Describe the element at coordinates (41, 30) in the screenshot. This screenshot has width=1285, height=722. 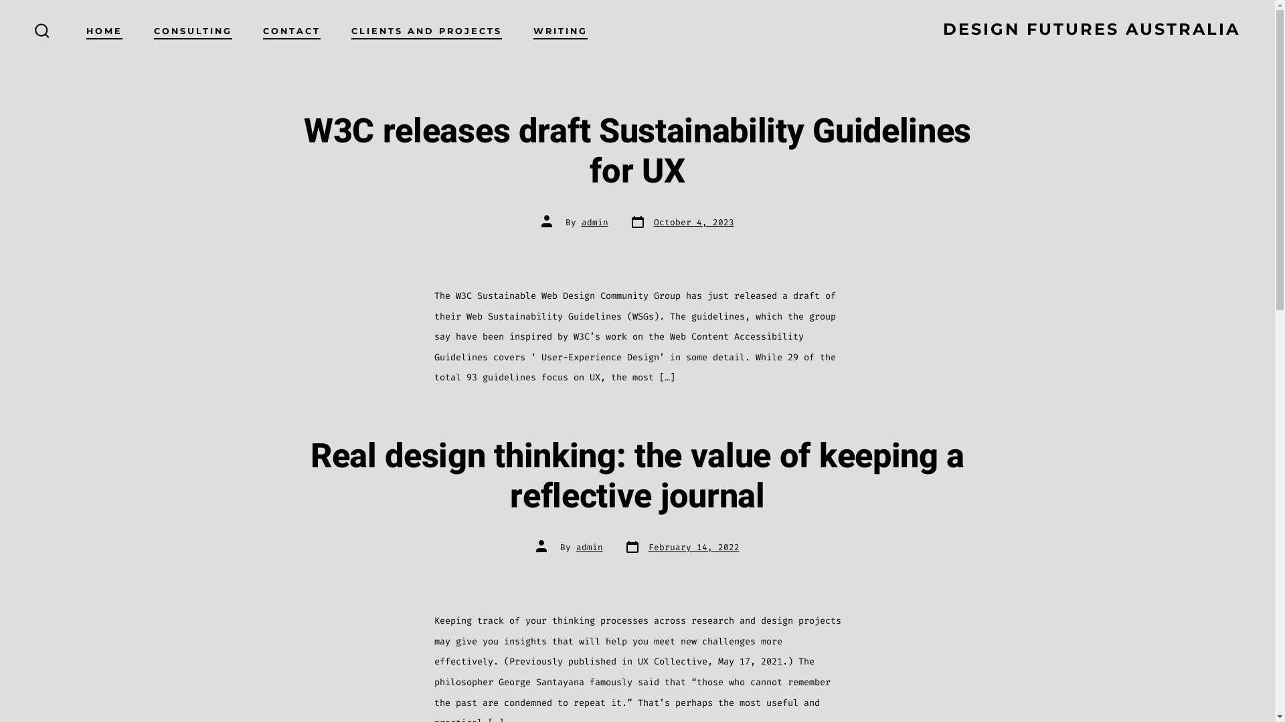
I see `'SEARCH TOGGLE'` at that location.